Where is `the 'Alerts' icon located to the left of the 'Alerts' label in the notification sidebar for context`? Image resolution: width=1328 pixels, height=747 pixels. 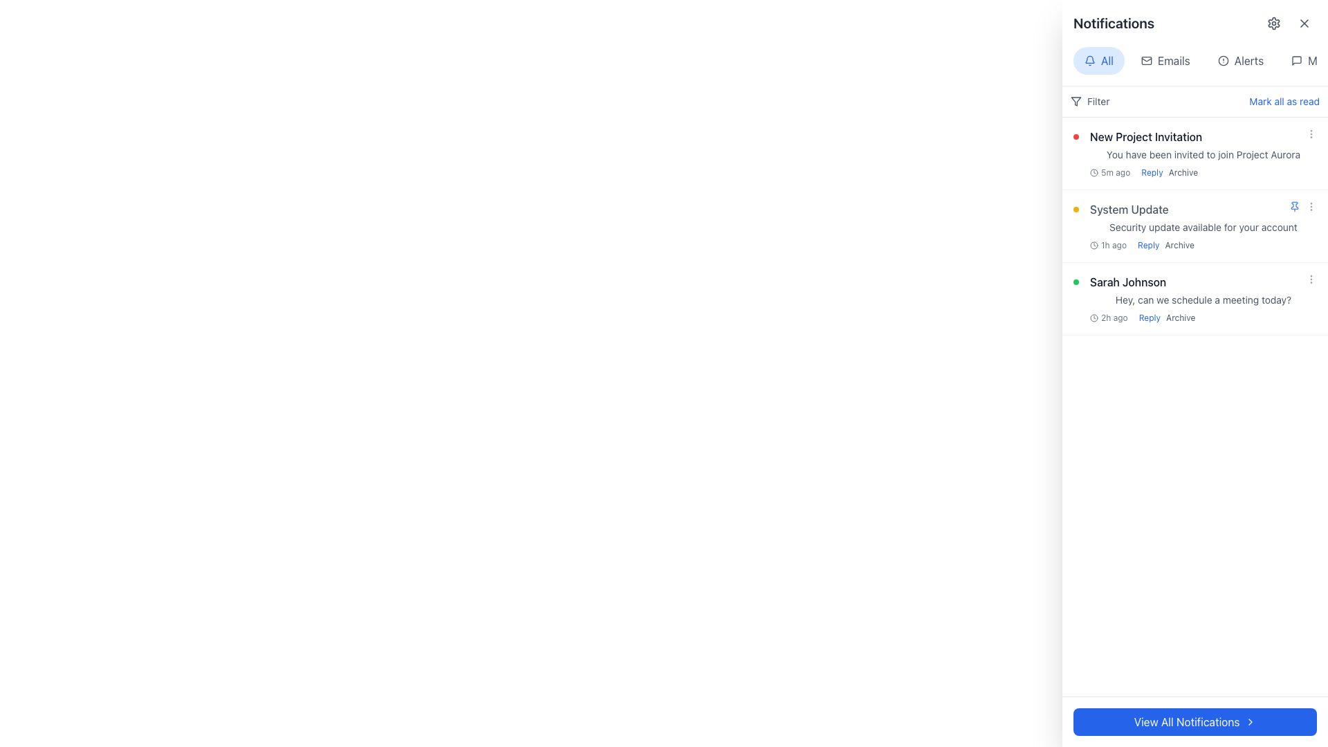 the 'Alerts' icon located to the left of the 'Alerts' label in the notification sidebar for context is located at coordinates (1223, 60).